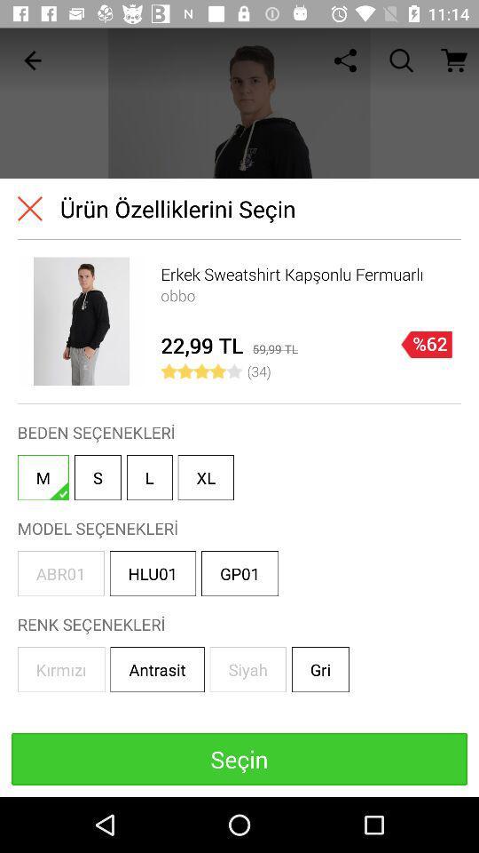 Image resolution: width=479 pixels, height=853 pixels. Describe the element at coordinates (247, 668) in the screenshot. I see `the siyah icon` at that location.